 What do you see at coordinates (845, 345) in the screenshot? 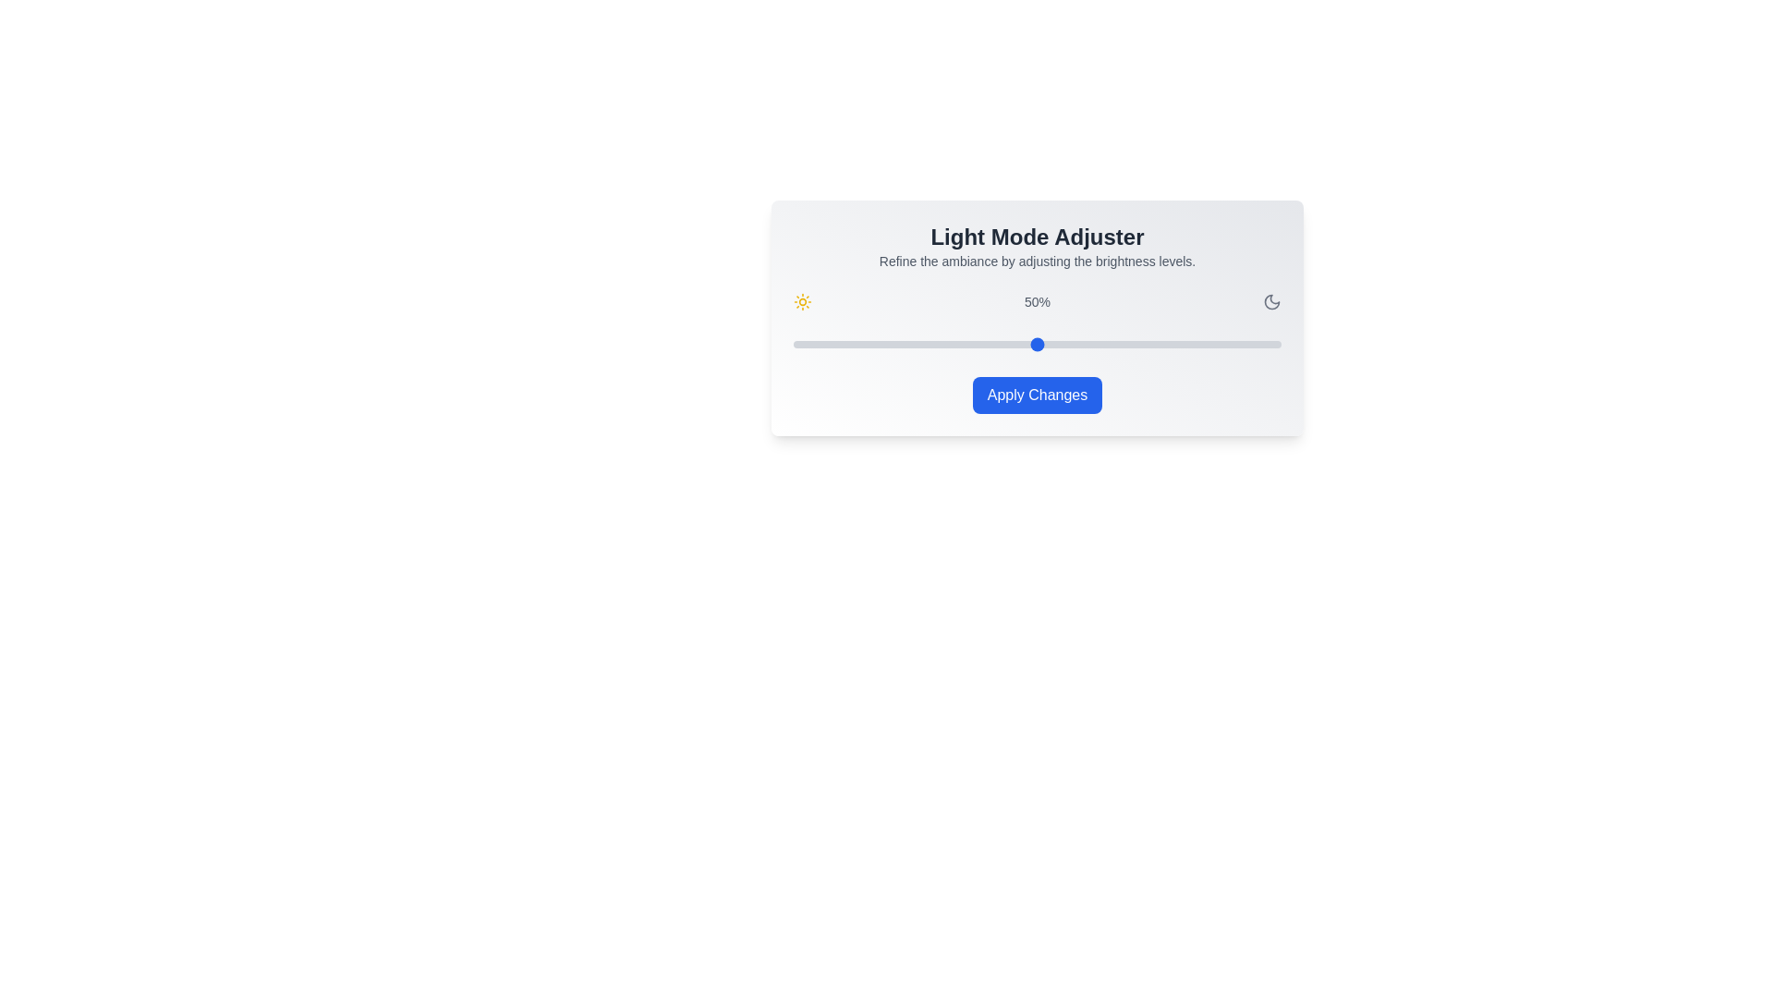
I see `the brightness slider to 11%` at bounding box center [845, 345].